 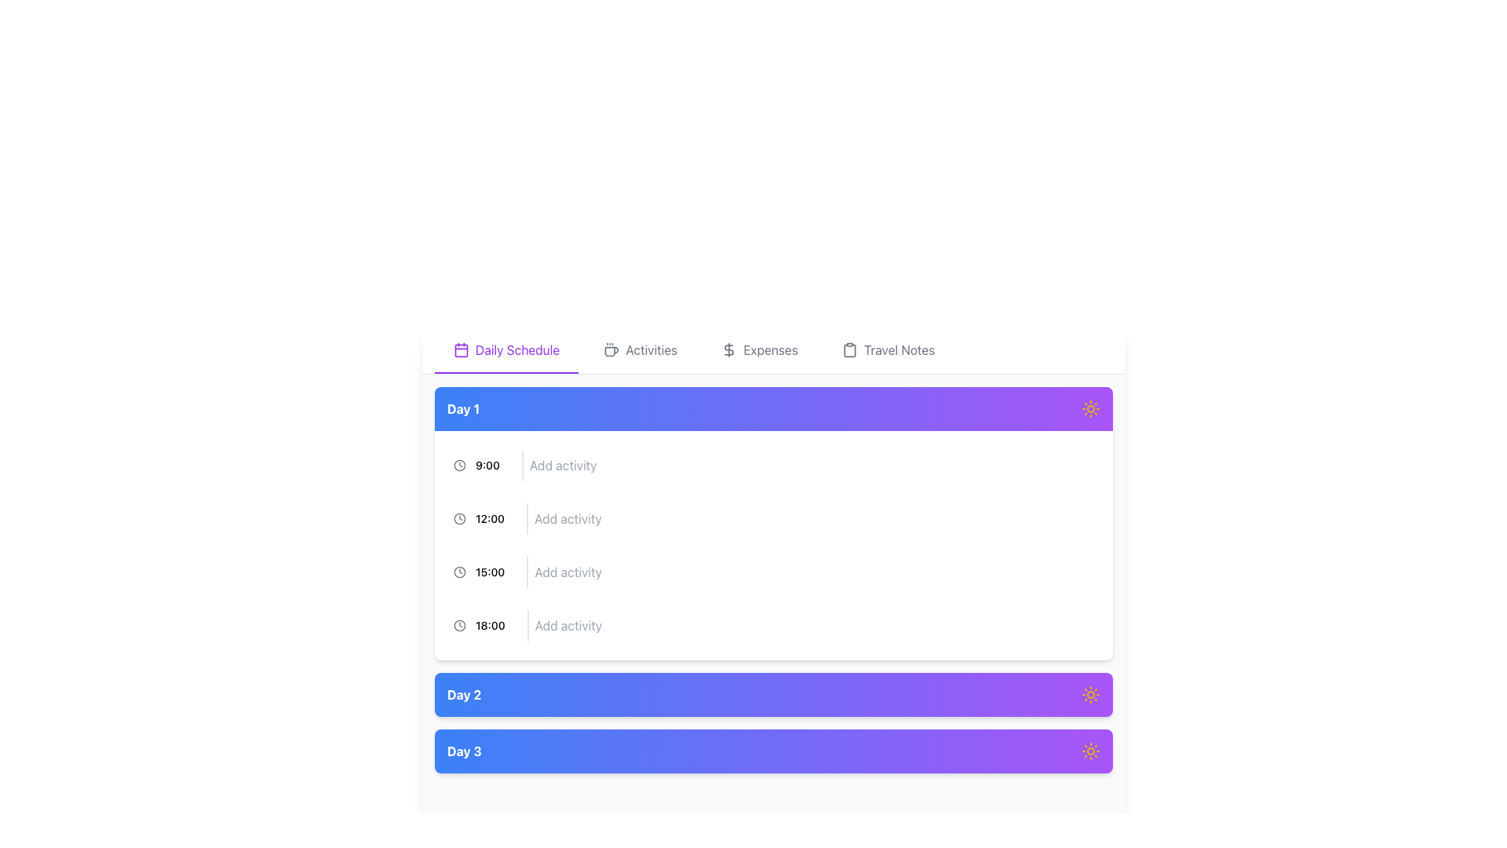 I want to click on text 'Day 3' which is displayed in bold white font on a blue background, positioned near the bottom of a list-like interface under the 'Day 2' header, so click(x=463, y=750).